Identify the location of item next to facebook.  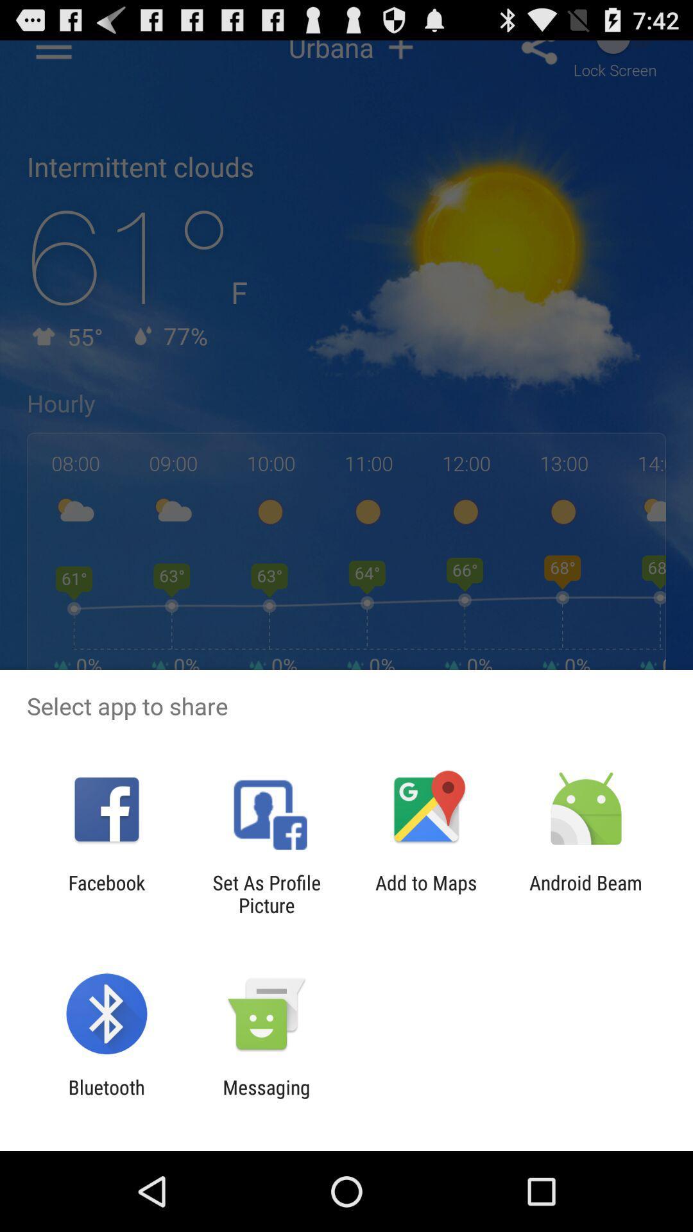
(266, 893).